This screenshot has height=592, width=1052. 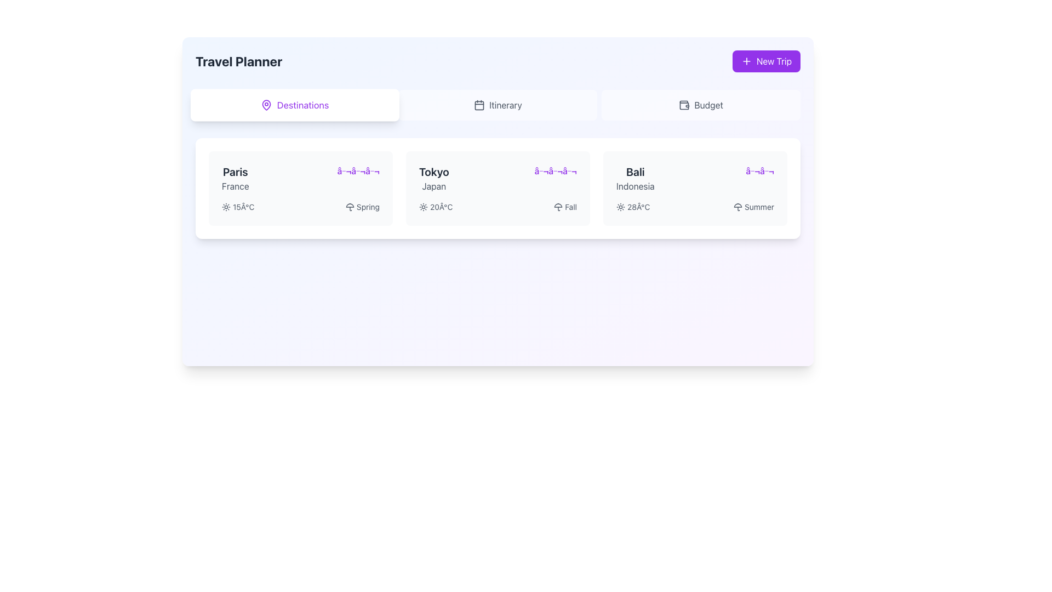 What do you see at coordinates (237, 207) in the screenshot?
I see `temperature information displayed in the text element with the sun icon for 'Paris, France', located at the top-left corner of the weather card` at bounding box center [237, 207].